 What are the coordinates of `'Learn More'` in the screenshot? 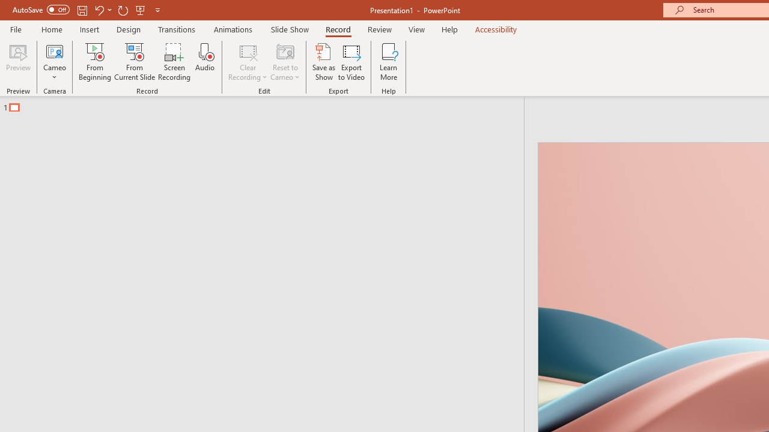 It's located at (389, 62).